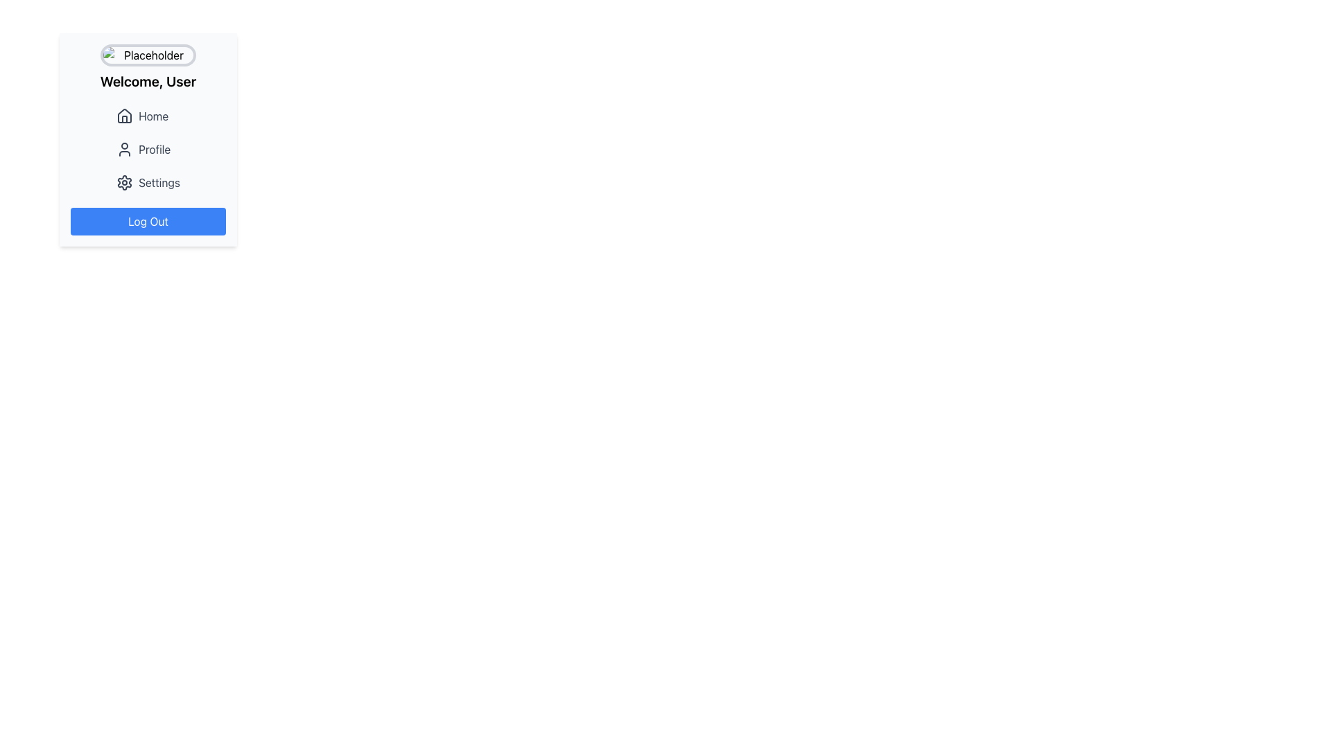 The height and width of the screenshot is (748, 1331). Describe the element at coordinates (125, 181) in the screenshot. I see `the gear-shaped icon representing settings in the settings menu, located next to the 'Settings' text` at that location.